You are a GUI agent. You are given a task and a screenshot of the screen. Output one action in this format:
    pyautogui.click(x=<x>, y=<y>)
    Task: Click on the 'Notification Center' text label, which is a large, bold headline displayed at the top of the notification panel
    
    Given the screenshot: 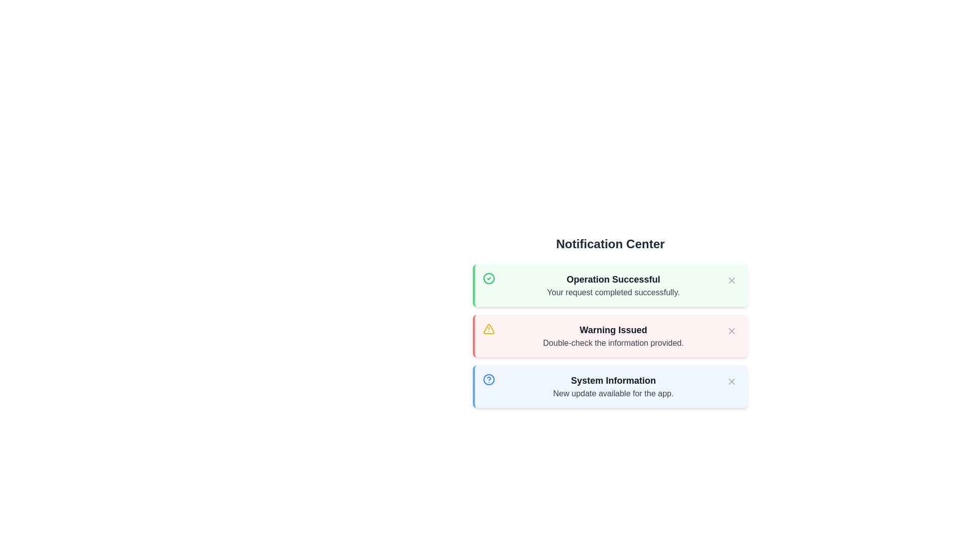 What is the action you would take?
    pyautogui.click(x=609, y=244)
    